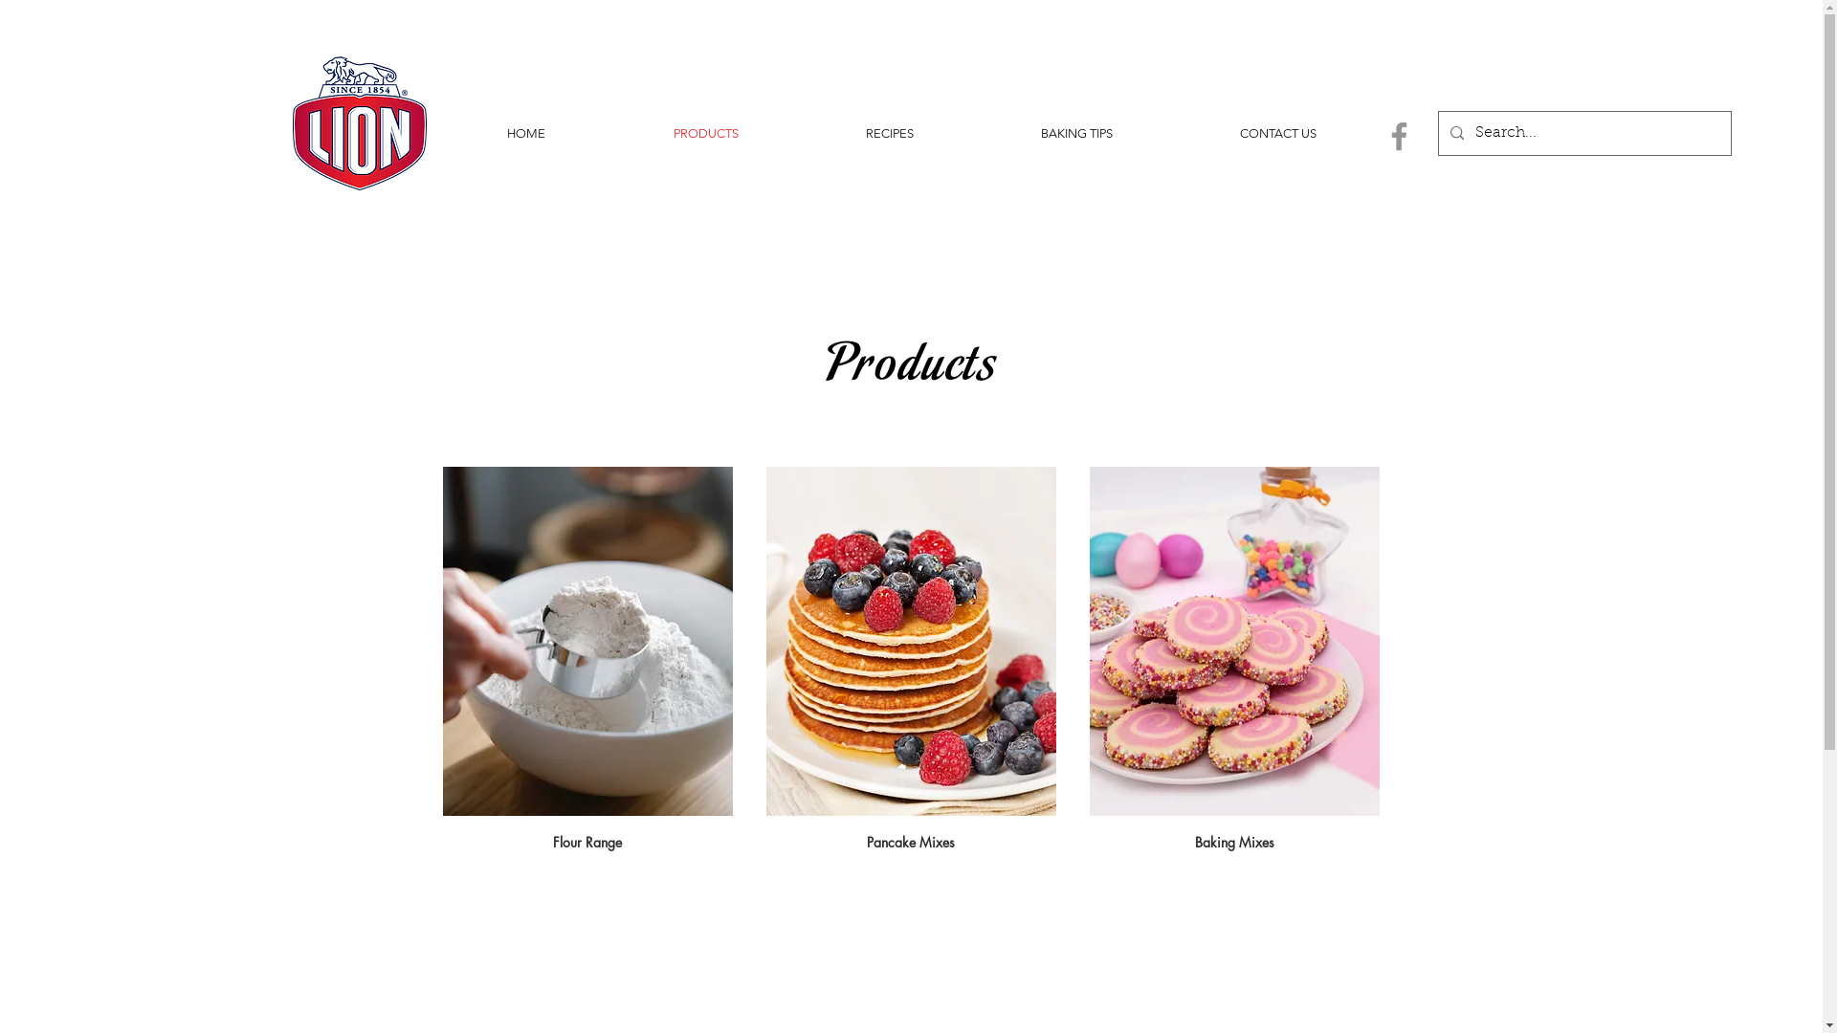 The width and height of the screenshot is (1837, 1033). I want to click on 'HOME', so click(524, 132).